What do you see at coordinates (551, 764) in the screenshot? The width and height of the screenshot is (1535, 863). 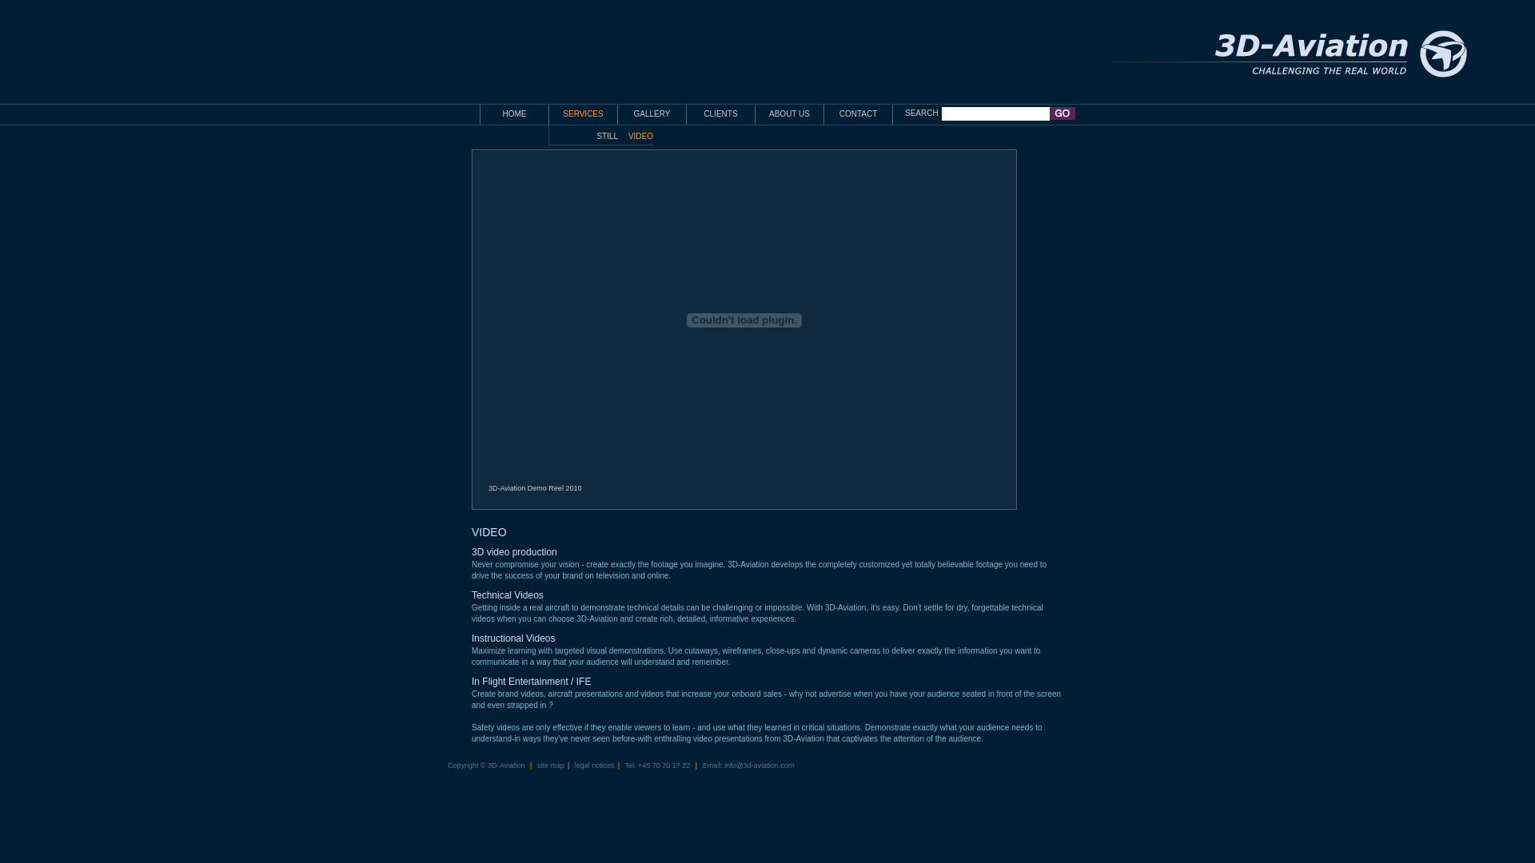 I see `'site map'` at bounding box center [551, 764].